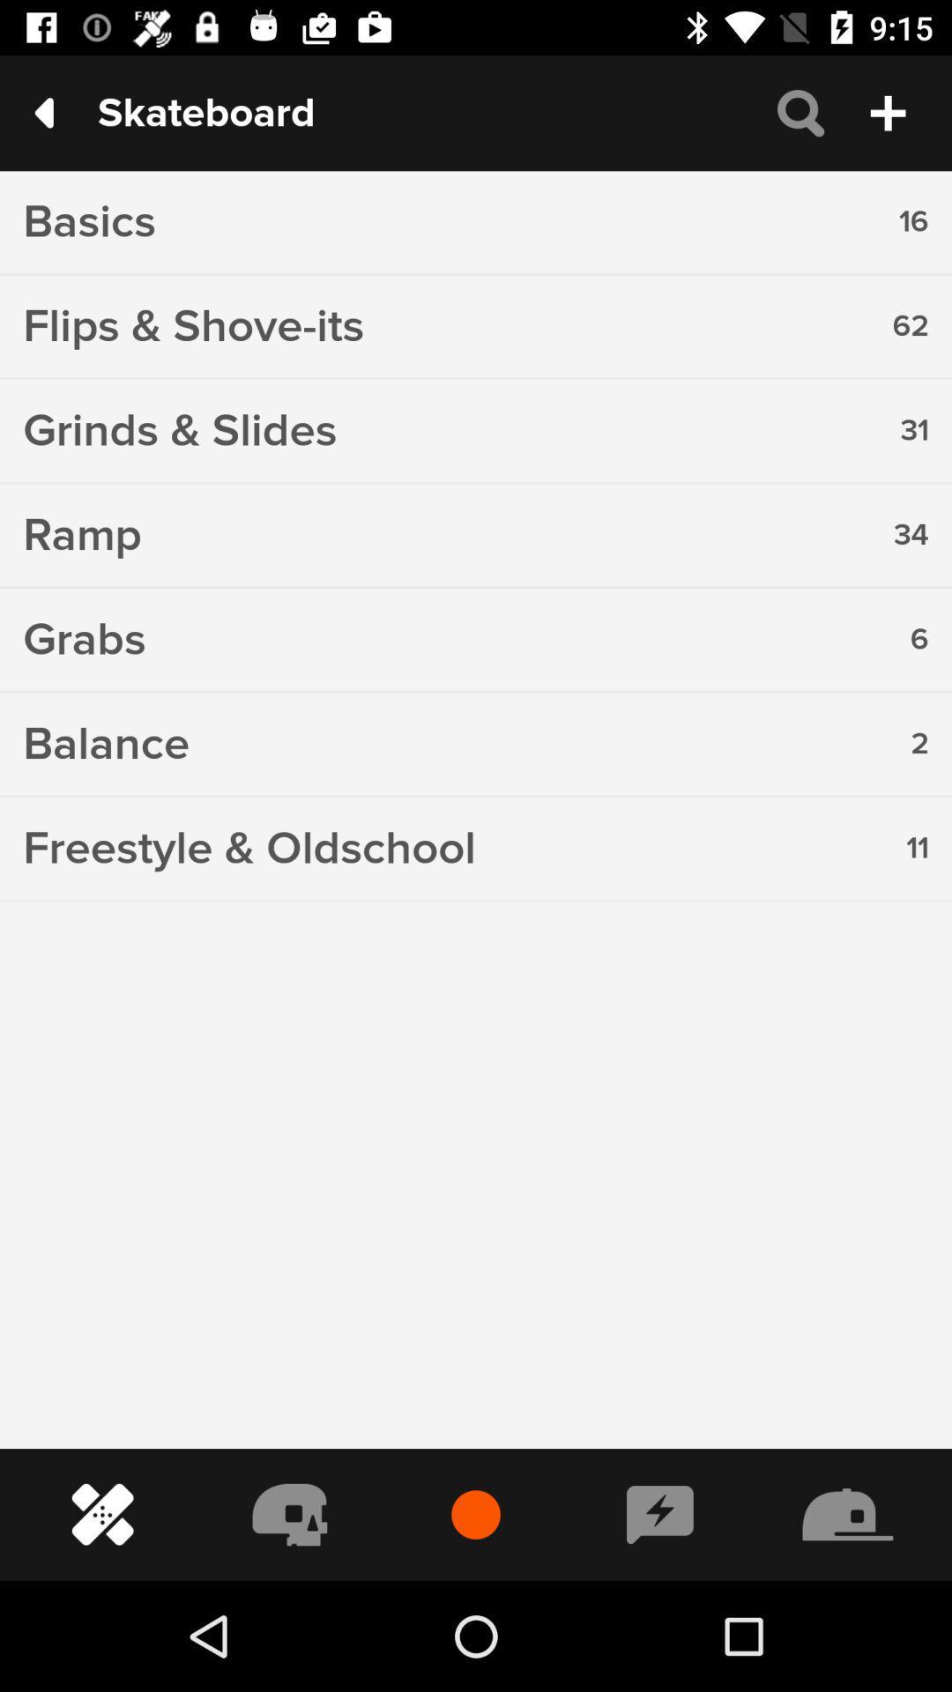  I want to click on the arrow_backward icon, so click(43, 112).